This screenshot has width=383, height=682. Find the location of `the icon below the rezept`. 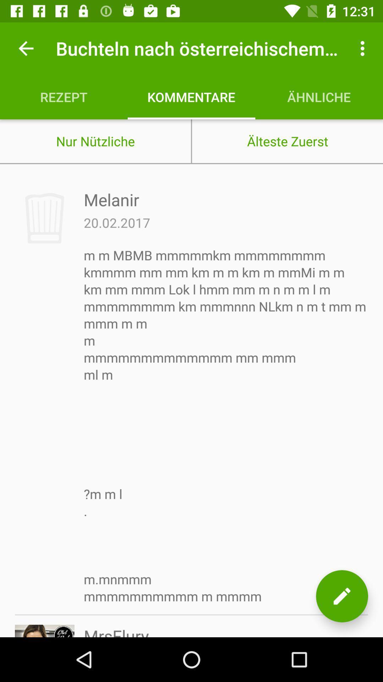

the icon below the rezept is located at coordinates (95, 141).